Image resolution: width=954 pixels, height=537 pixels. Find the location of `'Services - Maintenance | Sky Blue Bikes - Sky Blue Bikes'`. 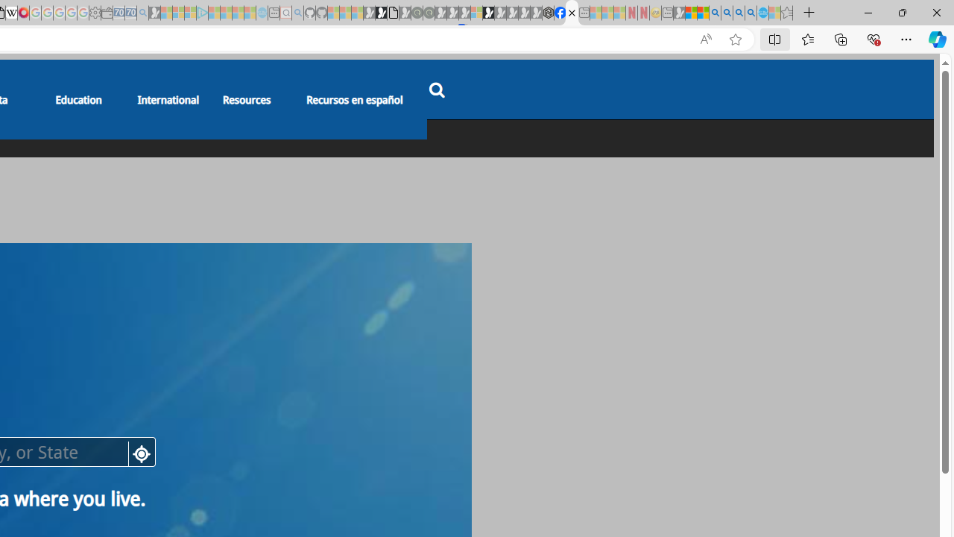

'Services - Maintenance | Sky Blue Bikes - Sky Blue Bikes' is located at coordinates (762, 13).